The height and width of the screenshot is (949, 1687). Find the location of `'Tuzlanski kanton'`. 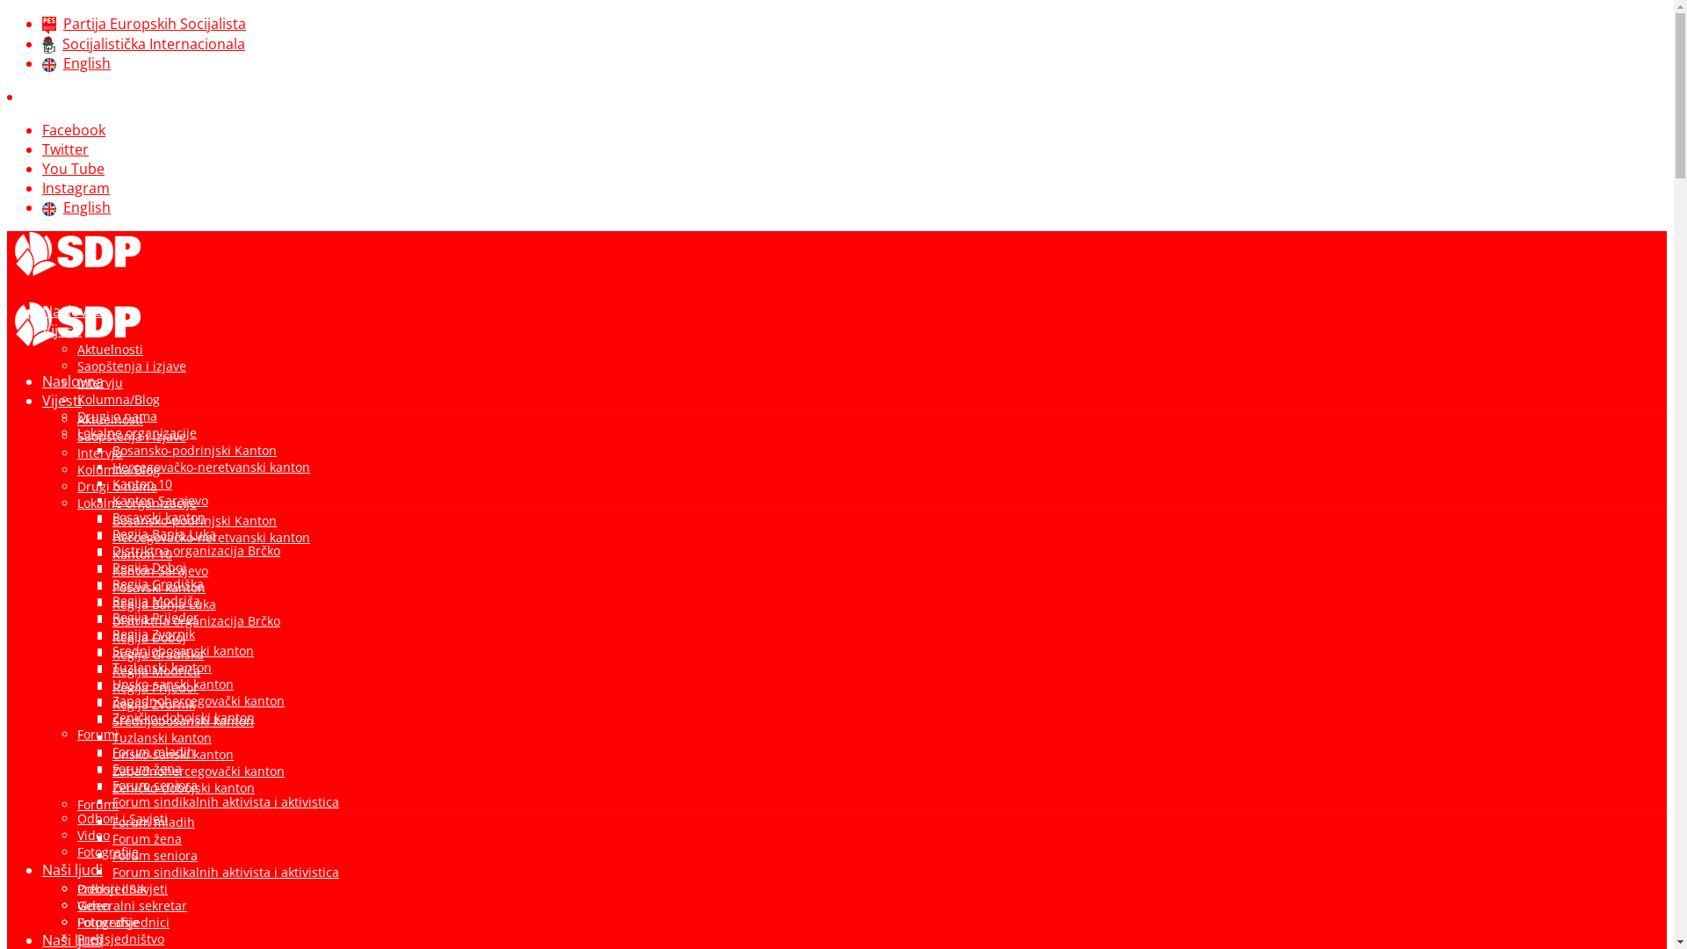

'Tuzlanski kanton' is located at coordinates (162, 737).